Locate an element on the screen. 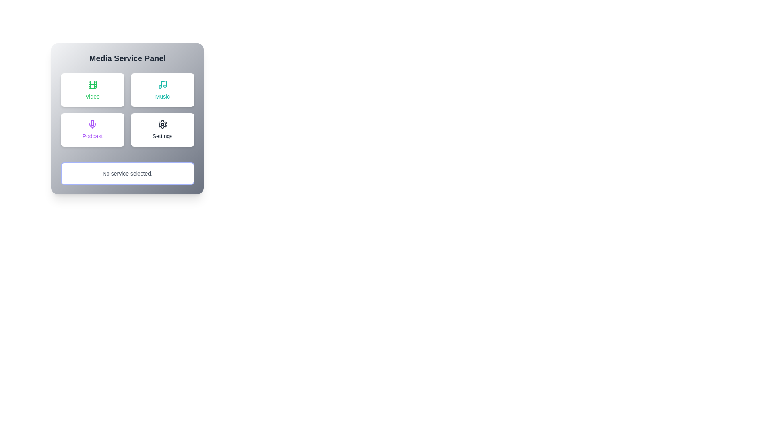  the curved line or arc within the microphone icon located at the bottom-center of the representation is located at coordinates (93, 125).